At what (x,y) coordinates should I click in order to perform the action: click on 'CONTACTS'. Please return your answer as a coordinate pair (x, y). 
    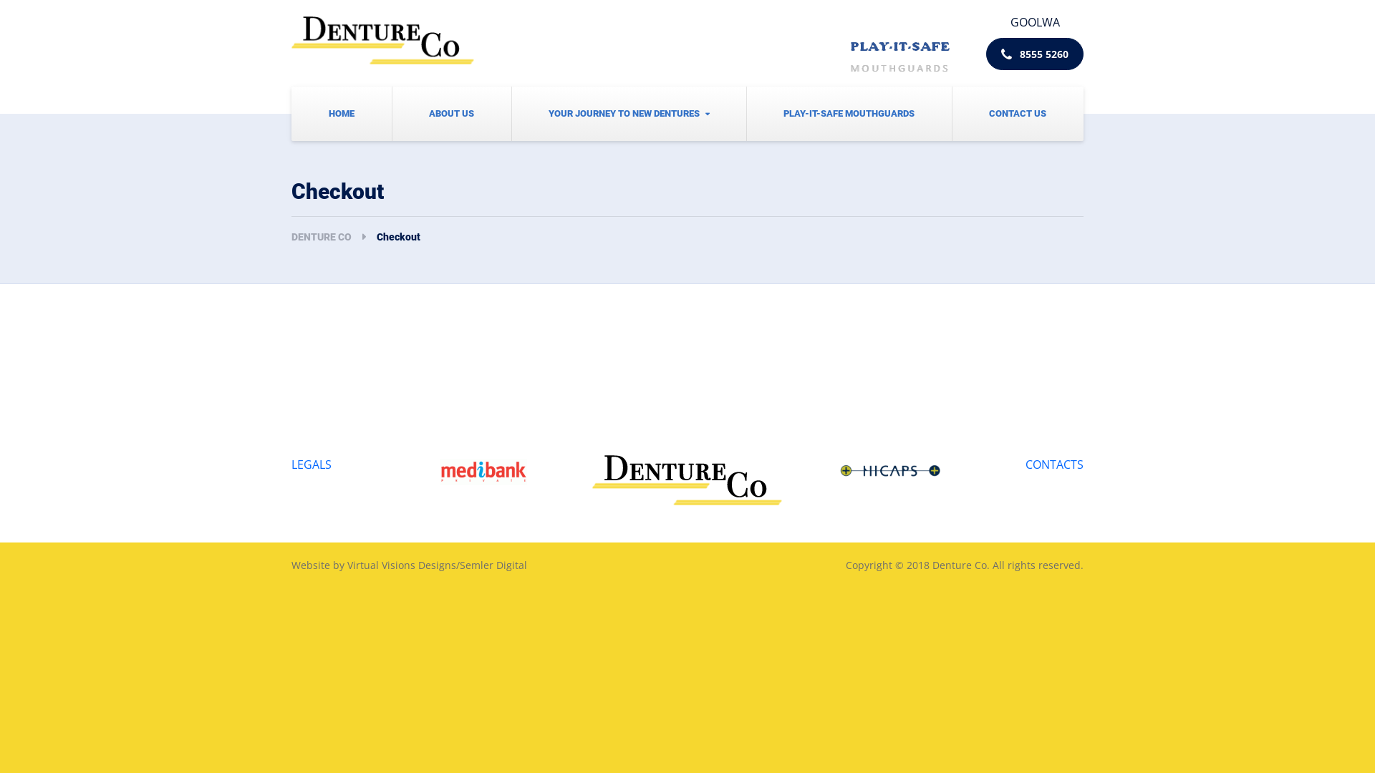
    Looking at the image, I should click on (1054, 464).